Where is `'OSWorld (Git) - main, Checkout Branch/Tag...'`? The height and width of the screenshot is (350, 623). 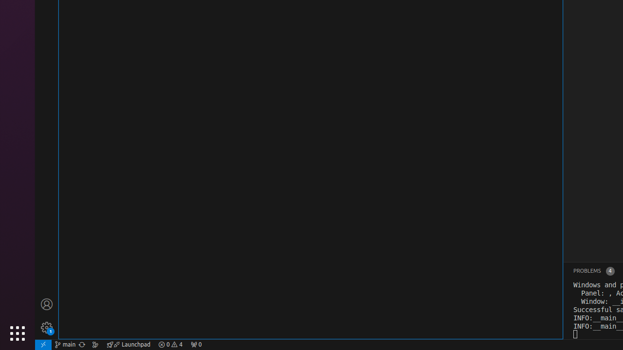
'OSWorld (Git) - main, Checkout Branch/Tag...' is located at coordinates (65, 344).